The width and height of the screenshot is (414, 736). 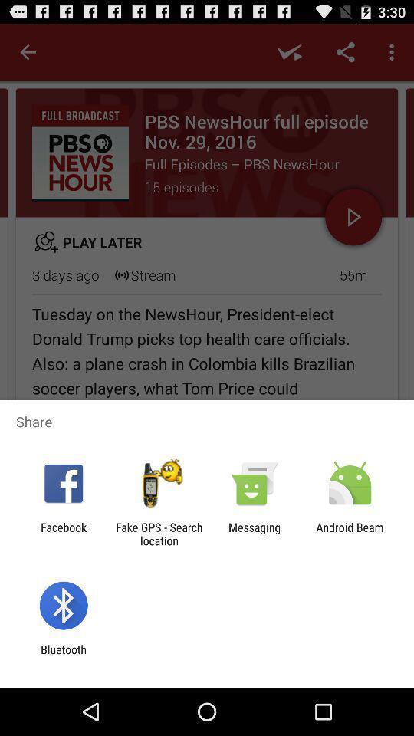 I want to click on bluetooth icon, so click(x=63, y=655).